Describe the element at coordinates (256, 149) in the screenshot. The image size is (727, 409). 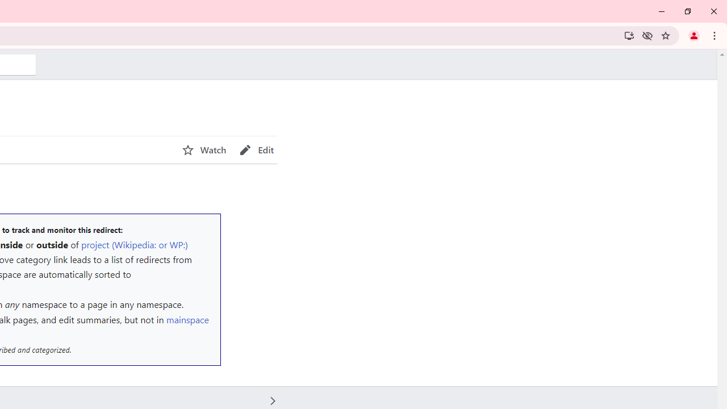
I see `'AutomationID: page-actions-edit'` at that location.